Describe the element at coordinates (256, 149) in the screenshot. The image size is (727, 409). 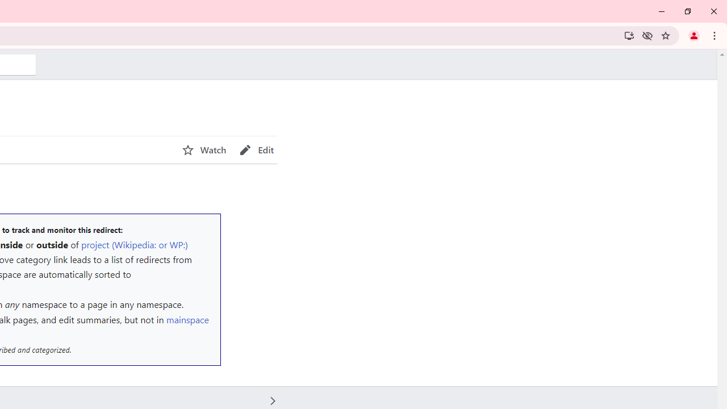
I see `'AutomationID: page-actions-edit'` at that location.